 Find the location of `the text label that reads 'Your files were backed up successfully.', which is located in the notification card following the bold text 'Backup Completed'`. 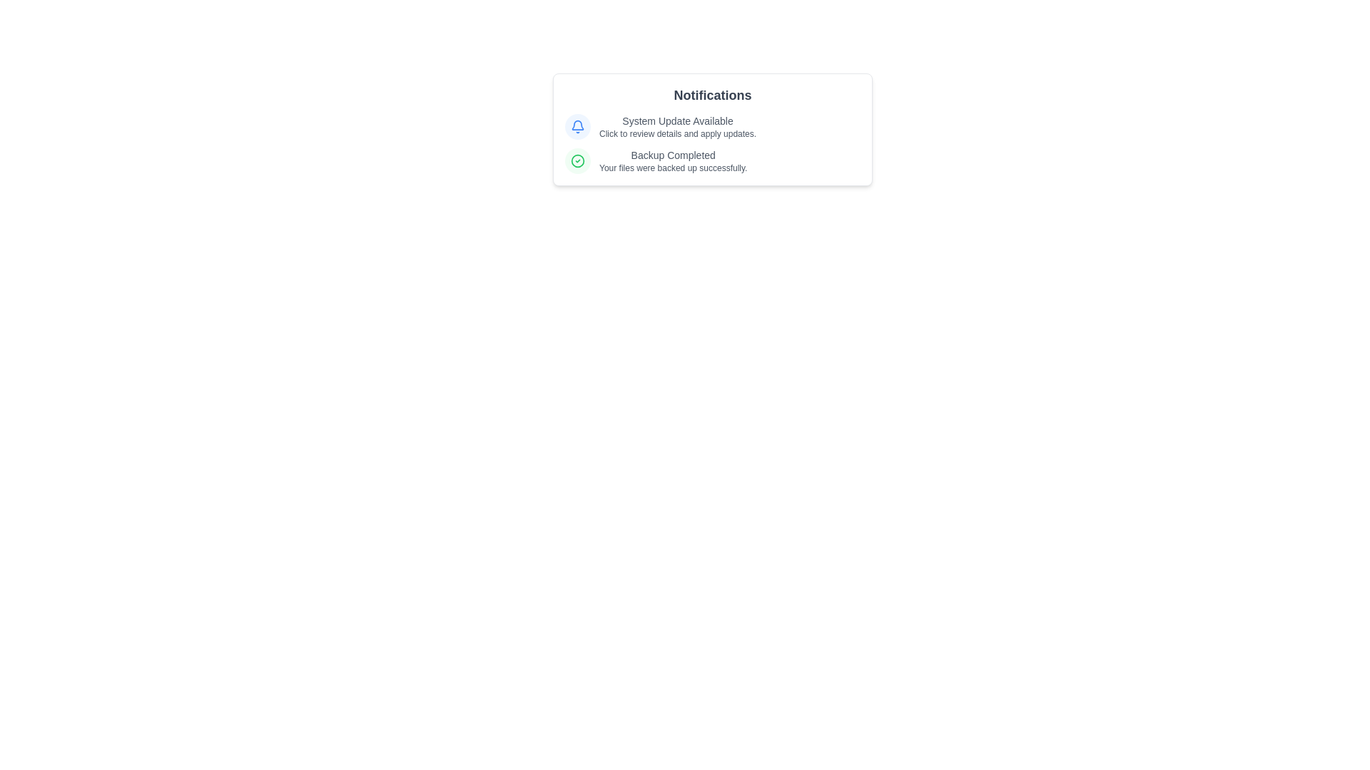

the text label that reads 'Your files were backed up successfully.', which is located in the notification card following the bold text 'Backup Completed' is located at coordinates (672, 167).